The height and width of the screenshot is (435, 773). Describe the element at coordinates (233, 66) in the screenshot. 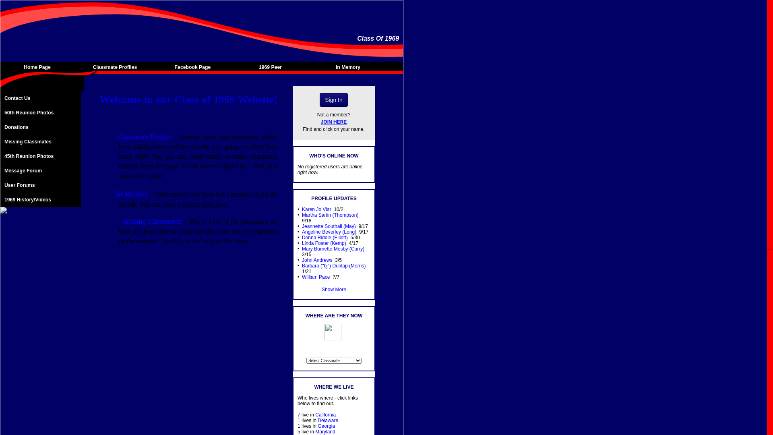

I see `'1969 Peer'` at that location.